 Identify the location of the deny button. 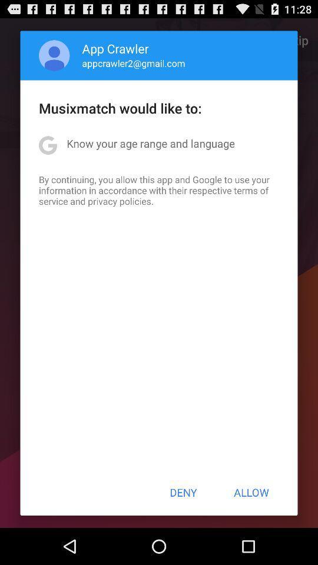
(183, 492).